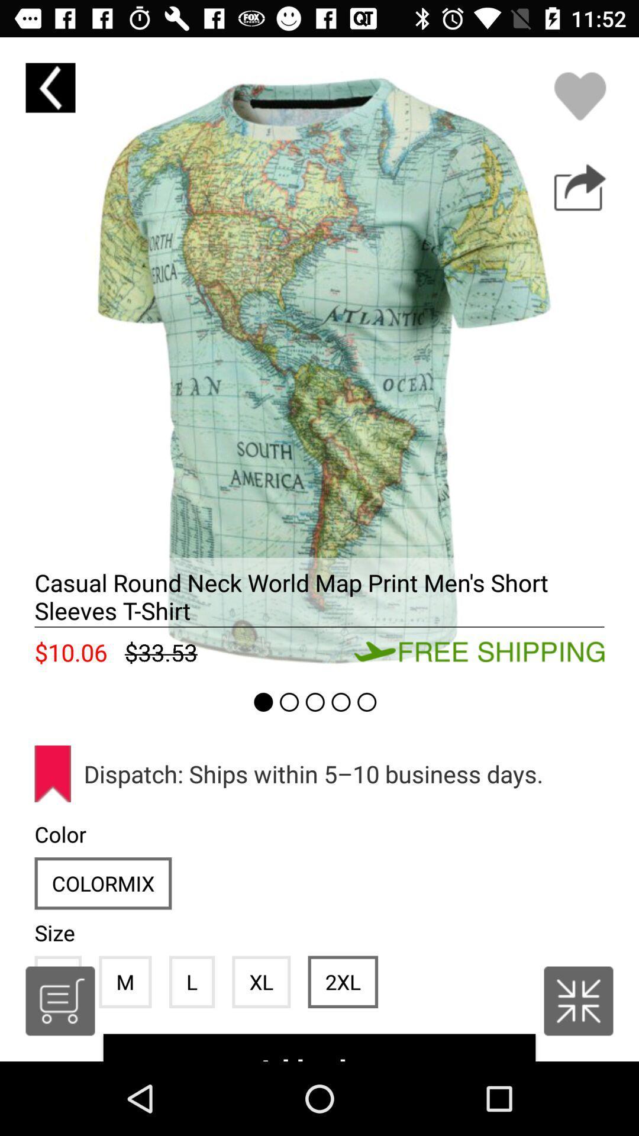  Describe the element at coordinates (125, 982) in the screenshot. I see `item to the left of l` at that location.